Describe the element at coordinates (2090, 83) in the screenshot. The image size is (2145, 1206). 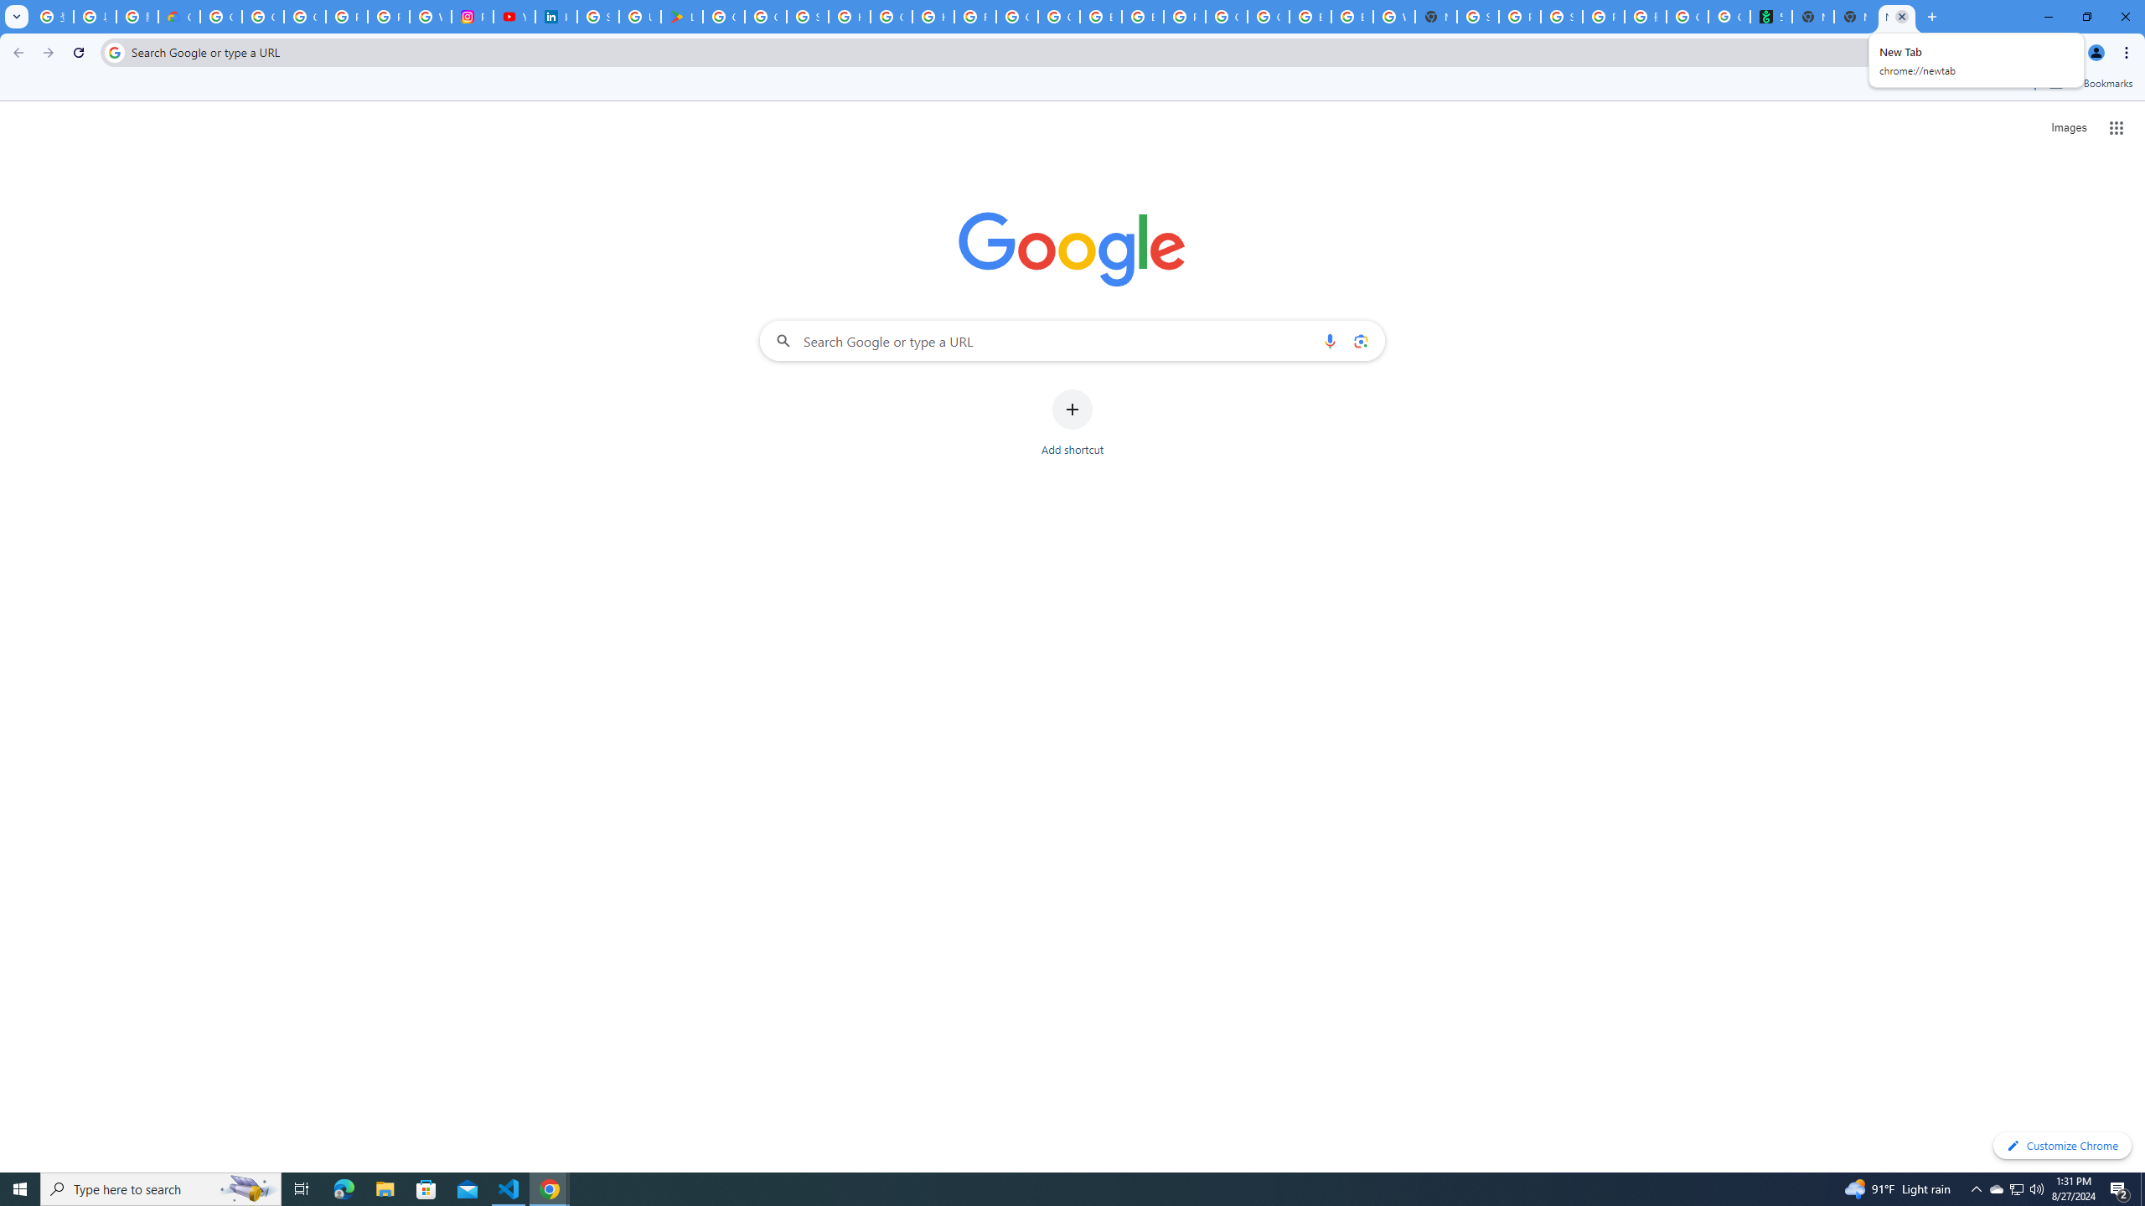
I see `'All Bookmarks'` at that location.